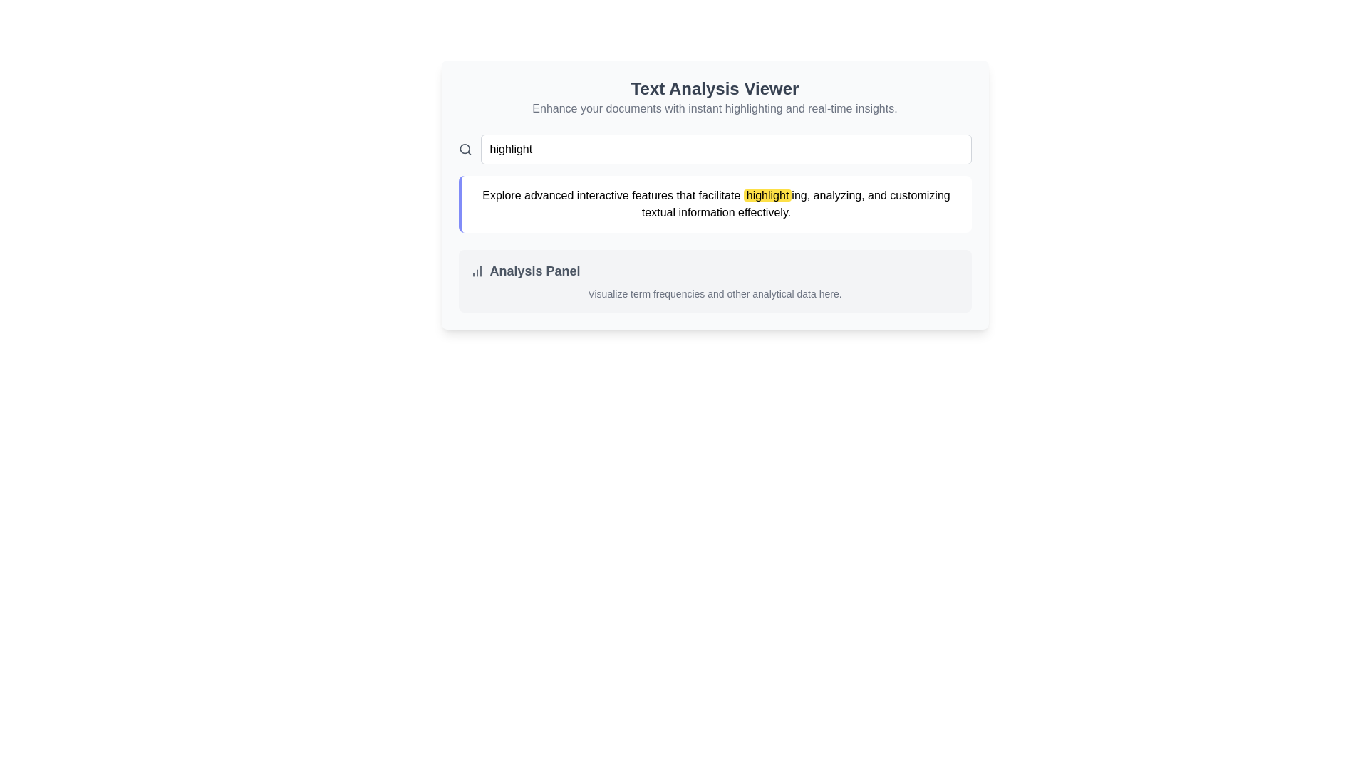 This screenshot has height=769, width=1368. I want to click on the circular component of the search icon located within the search bar at the upper center of the layout, so click(465, 149).